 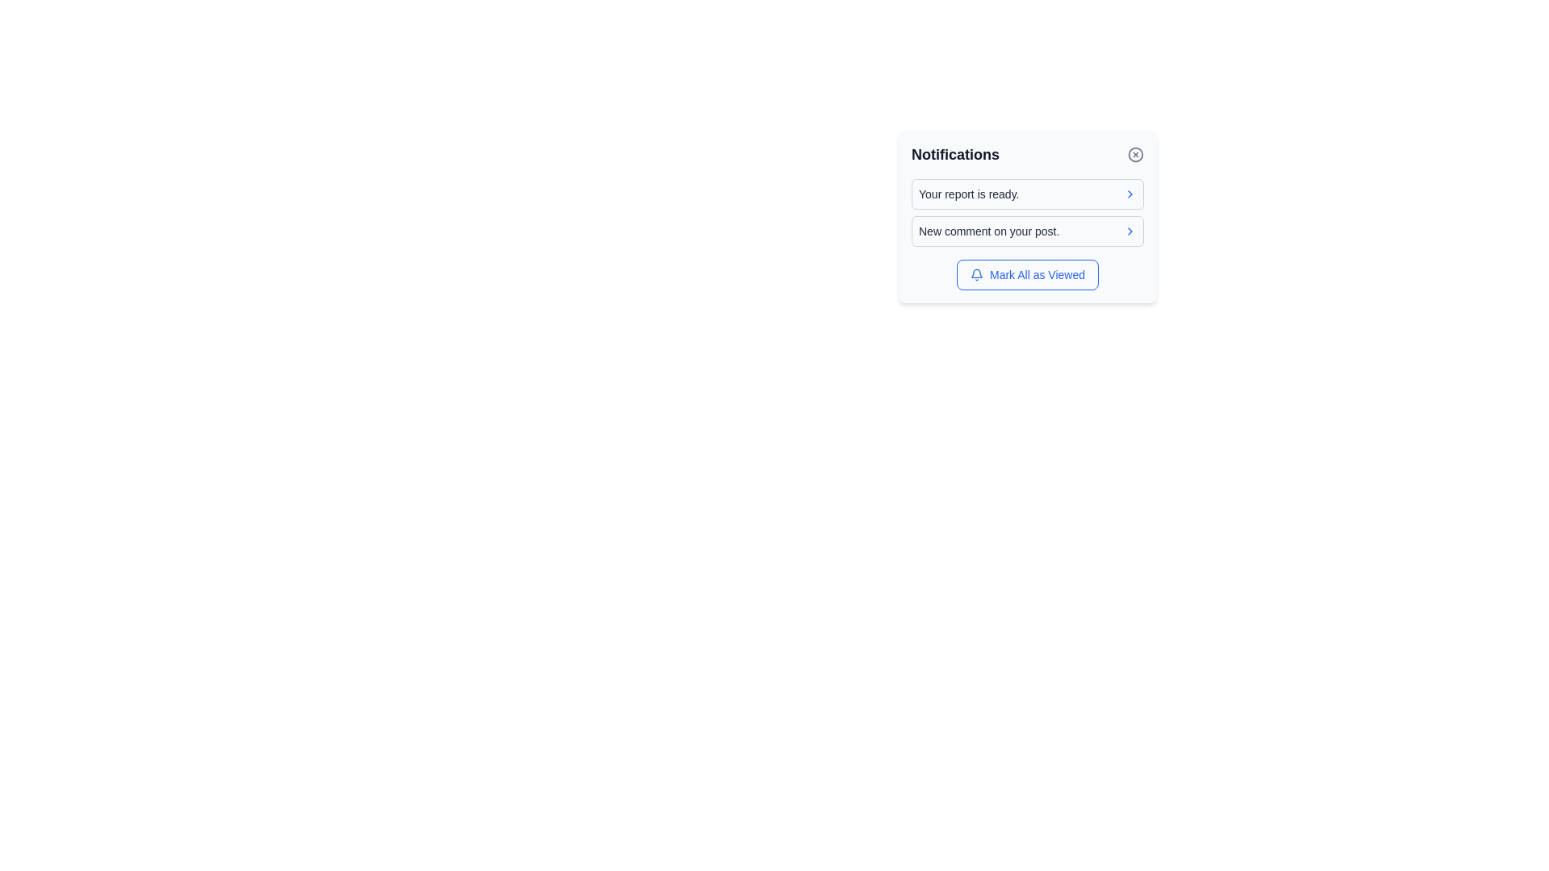 I want to click on the bell-shaped notification icon located at the beginning of the 'Mark All as Viewed' button in the notification panel, so click(x=975, y=273).